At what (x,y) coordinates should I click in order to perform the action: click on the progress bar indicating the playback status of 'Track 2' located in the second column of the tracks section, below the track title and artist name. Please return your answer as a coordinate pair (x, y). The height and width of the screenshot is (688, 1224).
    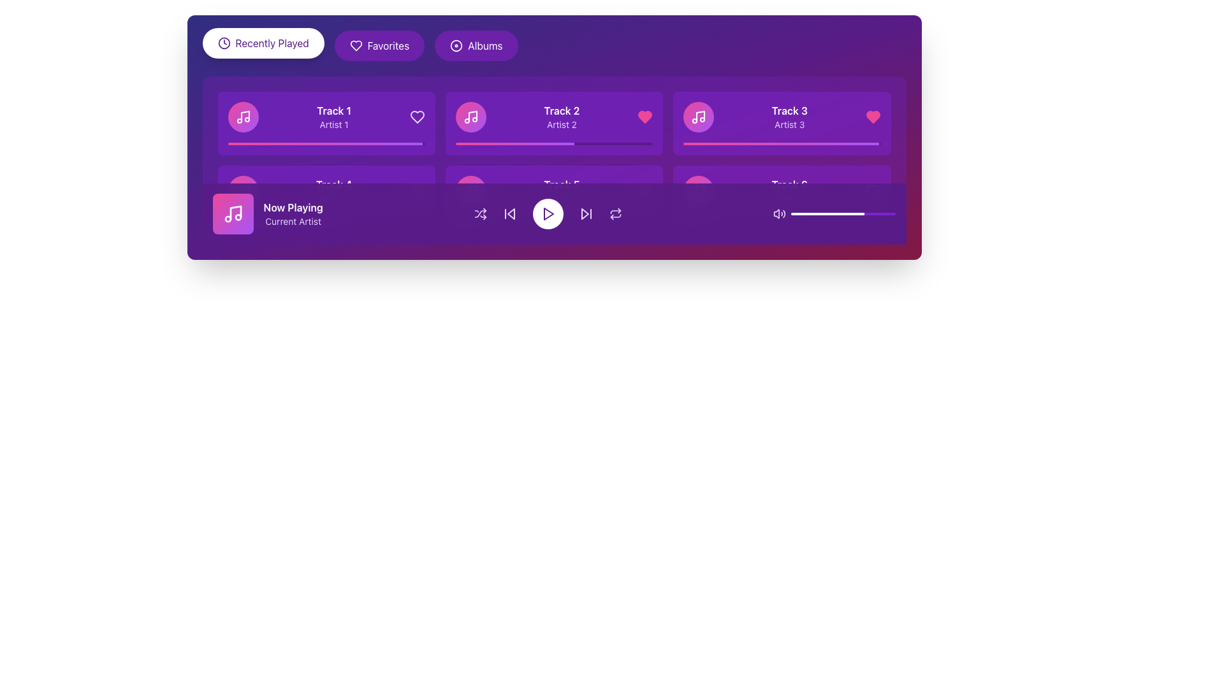
    Looking at the image, I should click on (554, 143).